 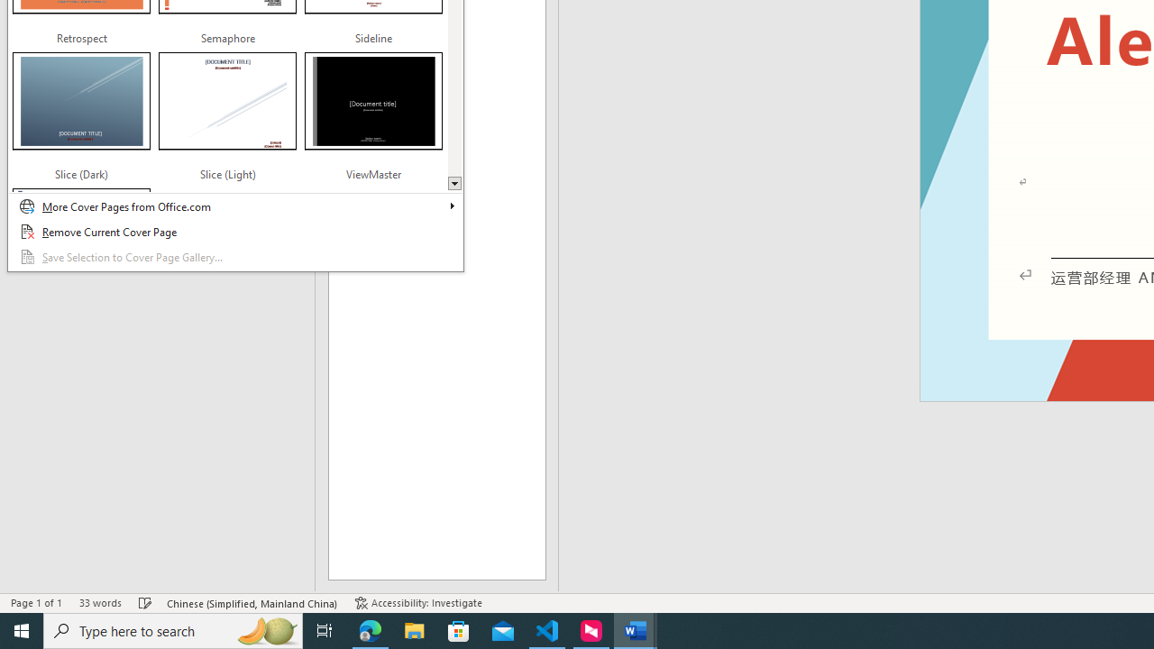 I want to click on 'Microsoft Store', so click(x=459, y=629).